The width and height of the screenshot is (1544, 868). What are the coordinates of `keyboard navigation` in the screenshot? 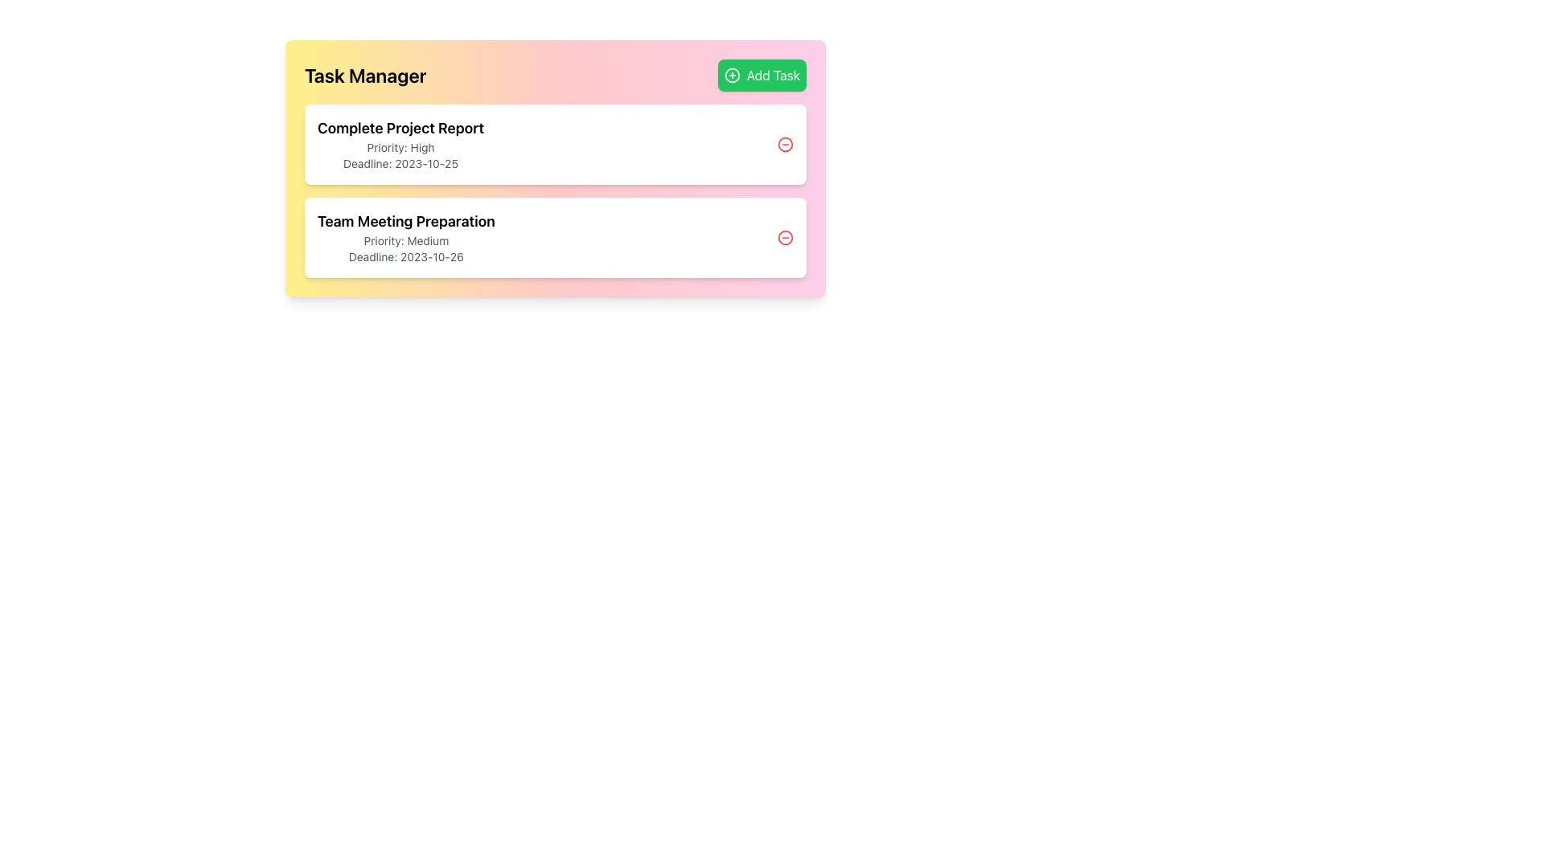 It's located at (400, 148).